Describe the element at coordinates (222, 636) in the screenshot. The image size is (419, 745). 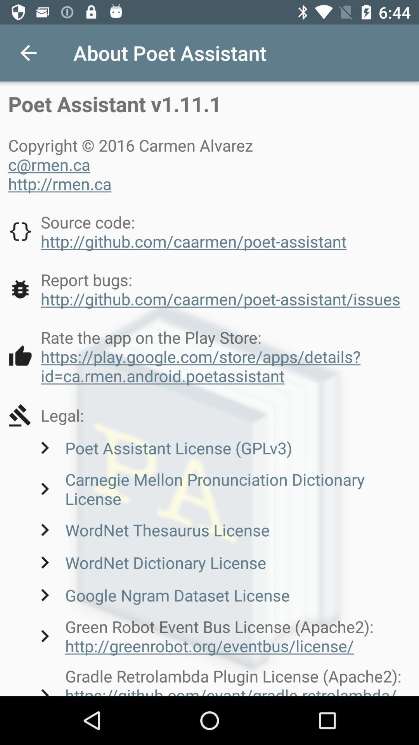
I see `item below google ngram dataset item` at that location.